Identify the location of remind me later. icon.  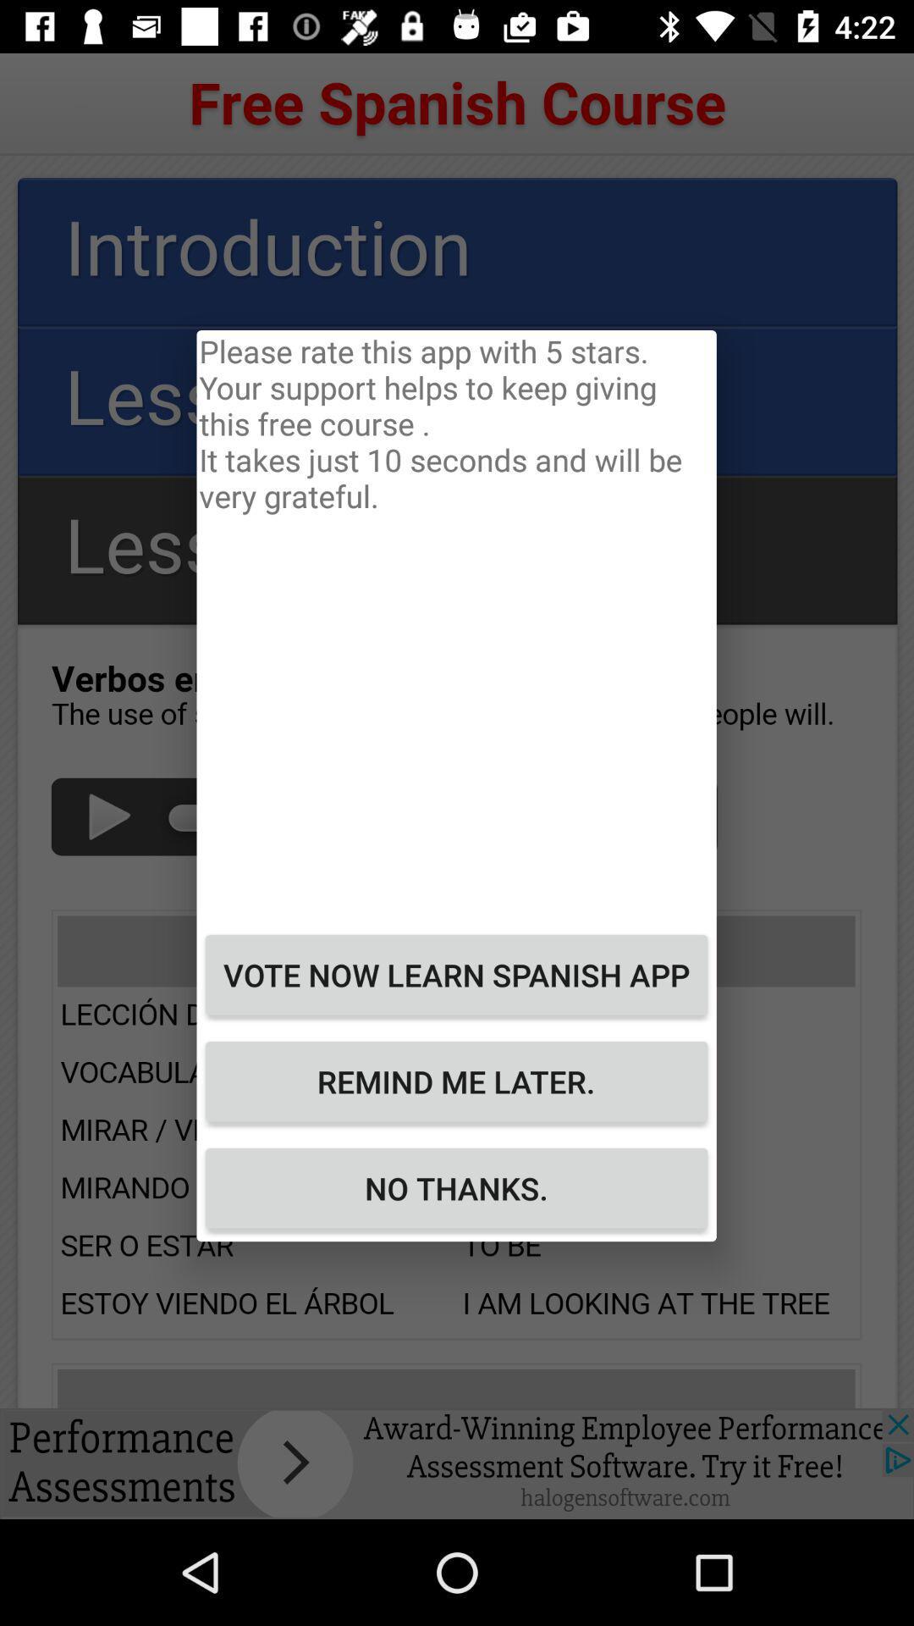
(455, 1081).